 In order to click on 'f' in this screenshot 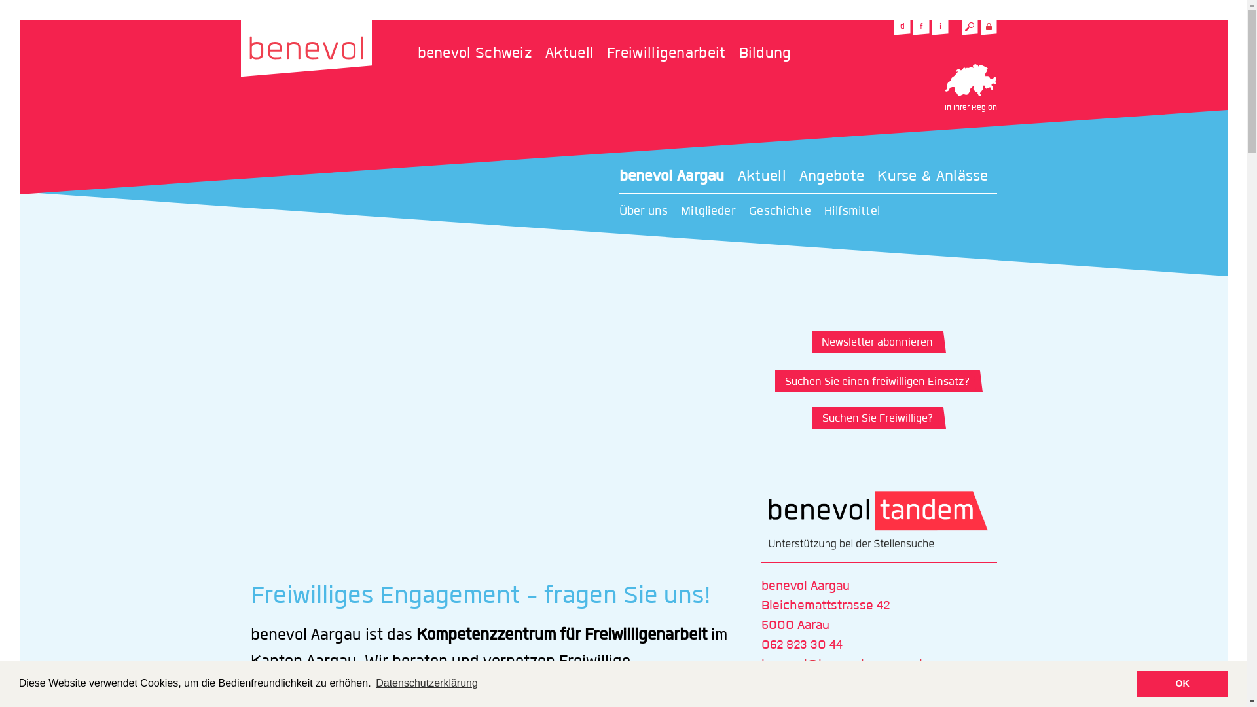, I will do `click(920, 27)`.